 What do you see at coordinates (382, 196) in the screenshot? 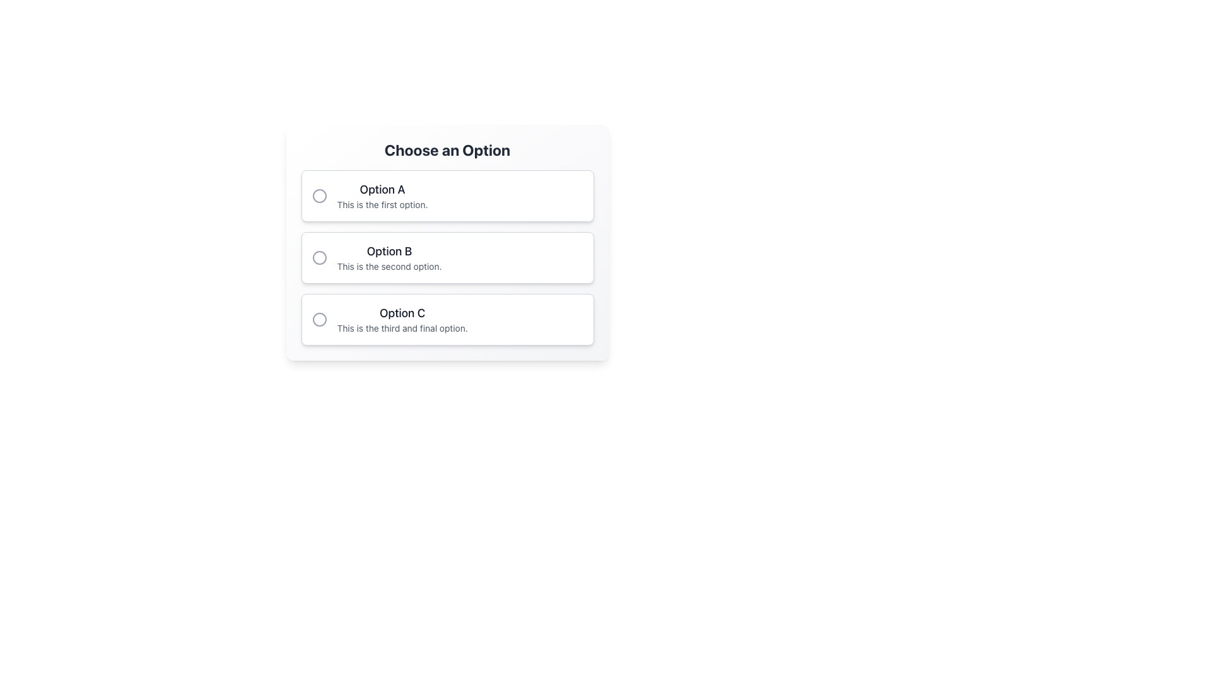
I see `the text display area that provides the title and description for the first selectable option in a group, which is located within the top bordered, rounded rectangle to the right of a circular icon` at bounding box center [382, 196].